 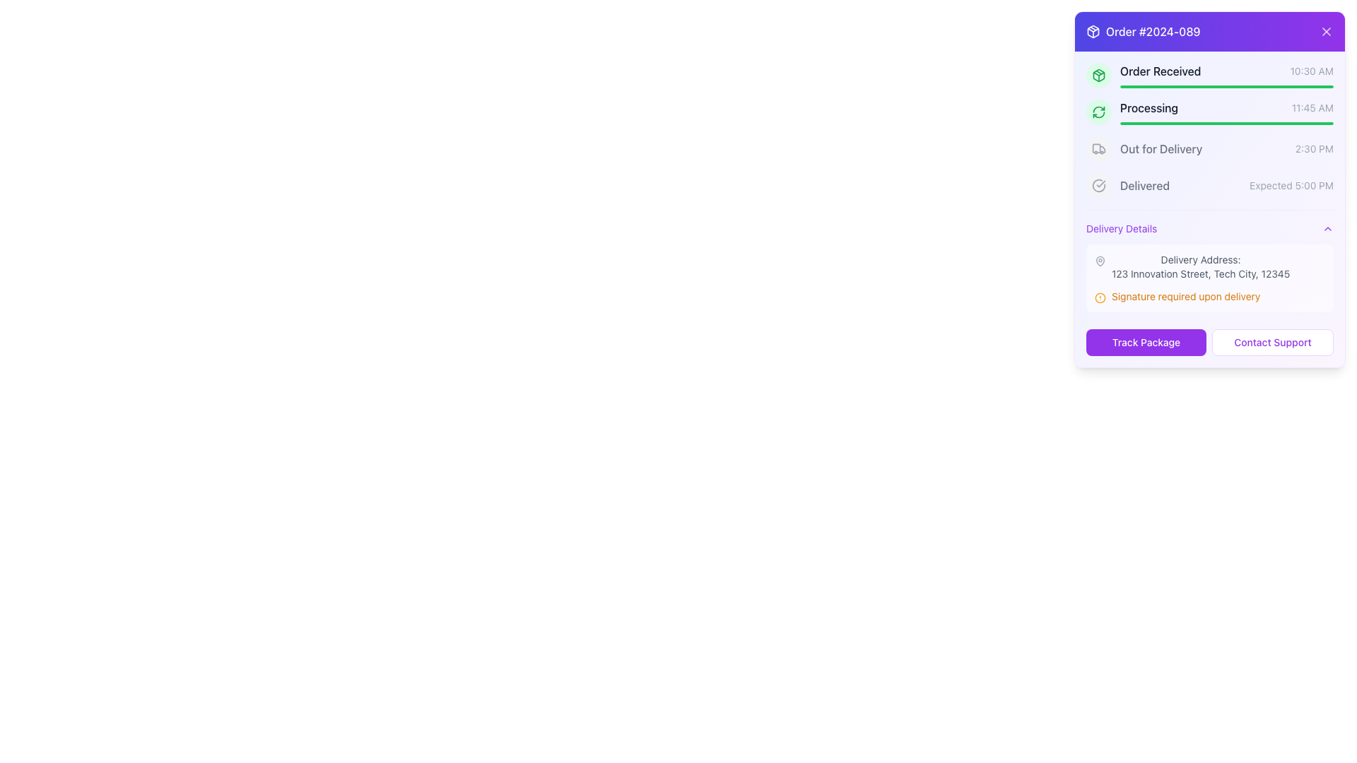 I want to click on the support services button located to the right of the 'Track Package' button at the bottom of the delivery details card, indicating its interactivity, so click(x=1272, y=343).